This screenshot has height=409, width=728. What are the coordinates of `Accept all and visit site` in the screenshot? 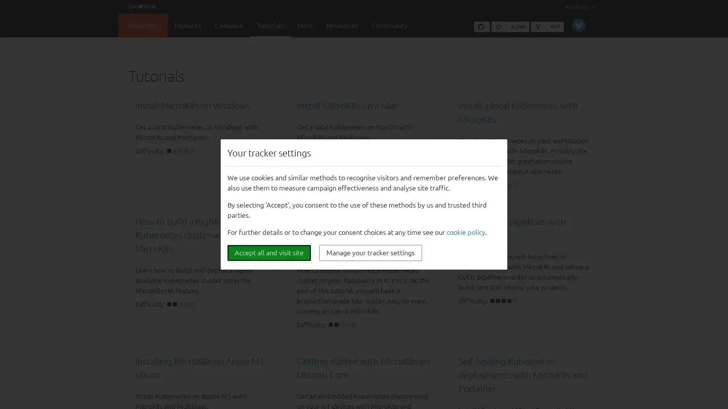 It's located at (269, 253).